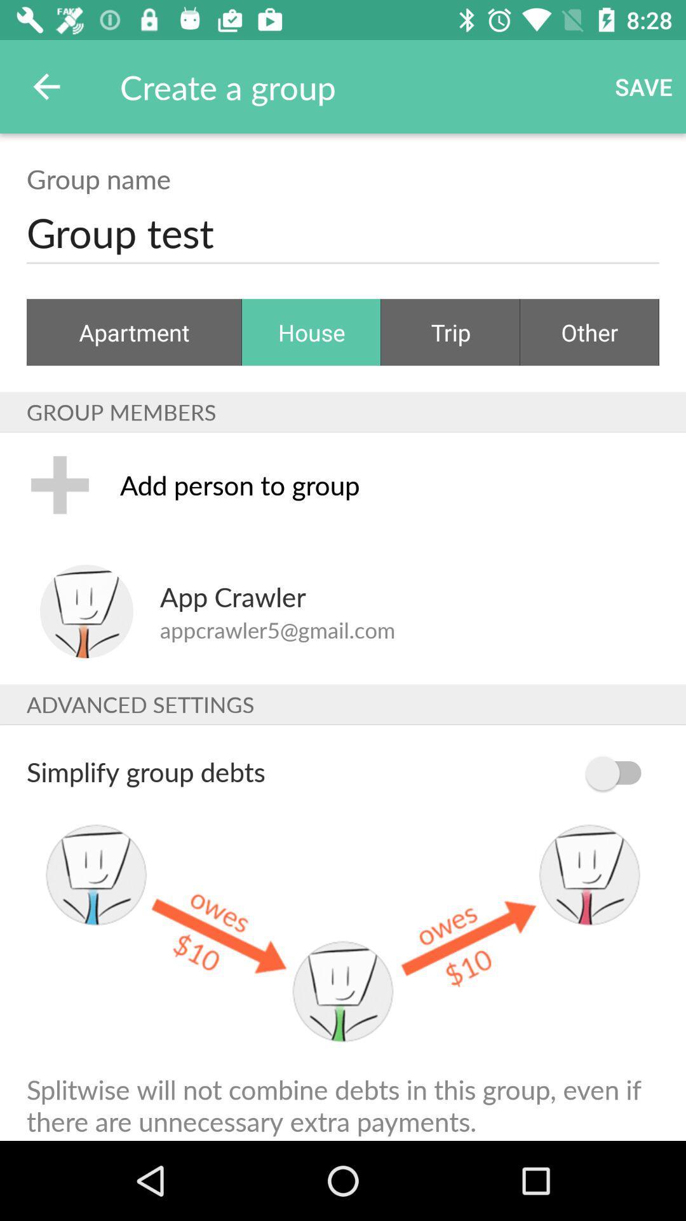 This screenshot has width=686, height=1221. I want to click on the save, so click(643, 86).